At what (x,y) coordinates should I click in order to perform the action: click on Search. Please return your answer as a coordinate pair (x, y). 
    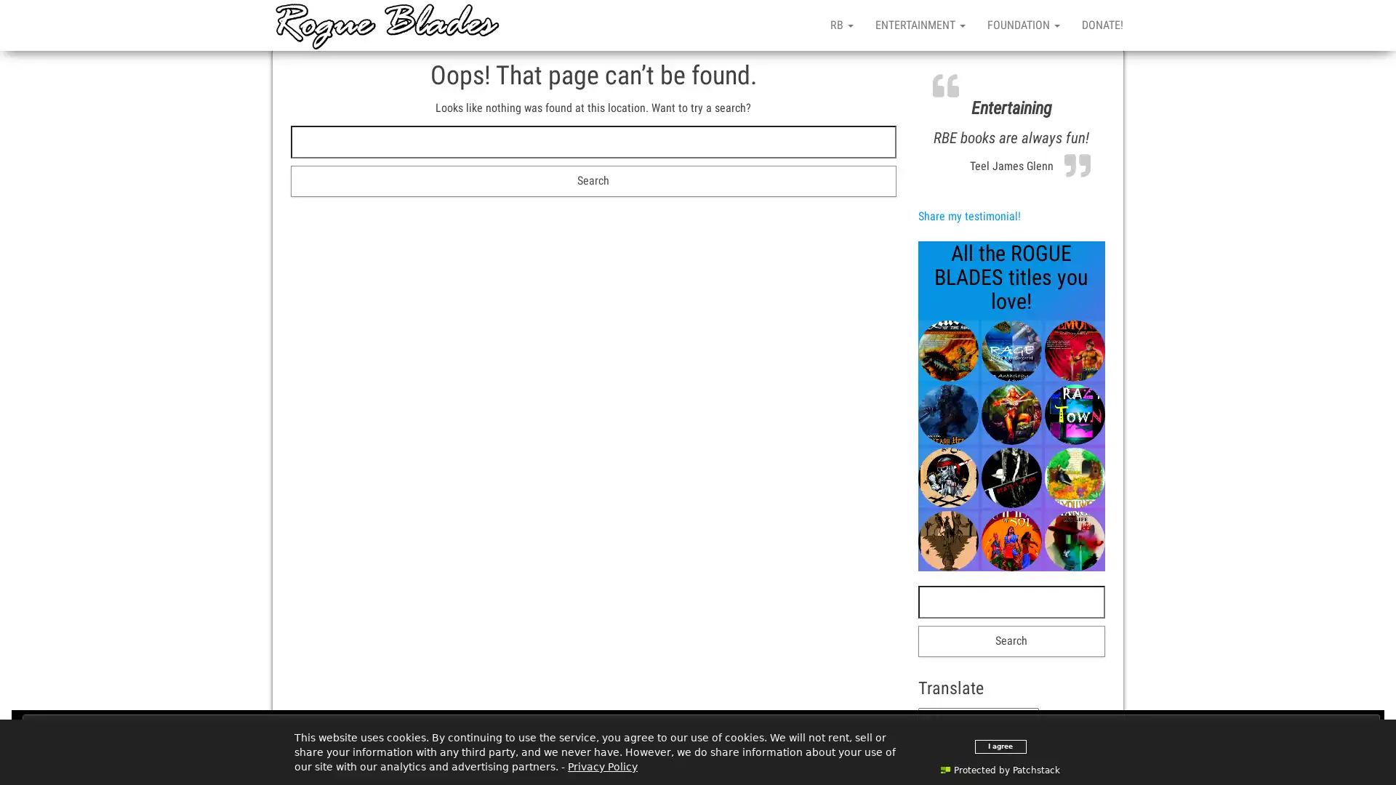
    Looking at the image, I should click on (593, 180).